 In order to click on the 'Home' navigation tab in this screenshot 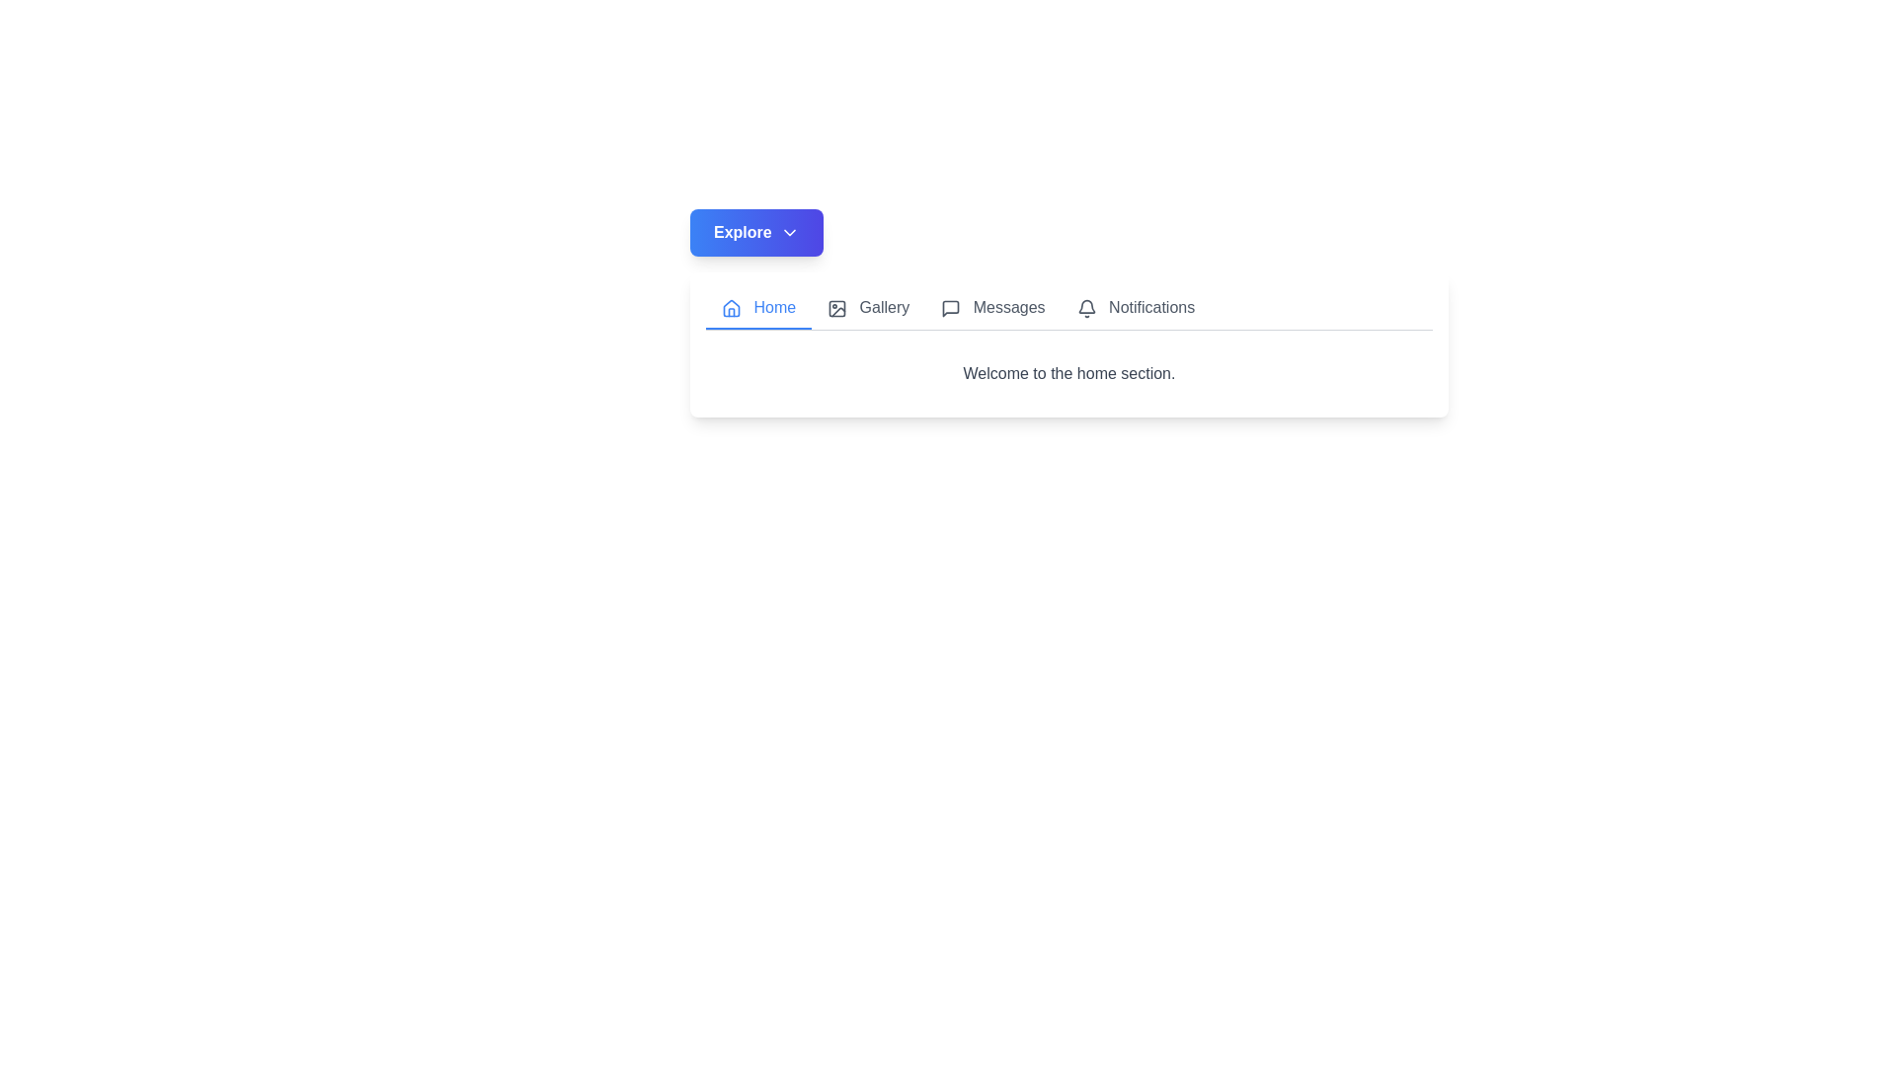, I will do `click(757, 308)`.